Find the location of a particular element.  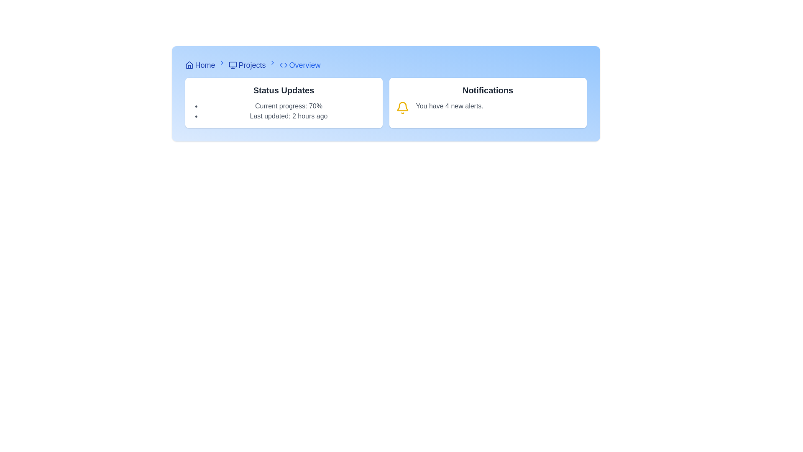

the static text label that displays the current progress in the 'Status Updates' section, which is the first item in a bulleted list is located at coordinates (289, 106).